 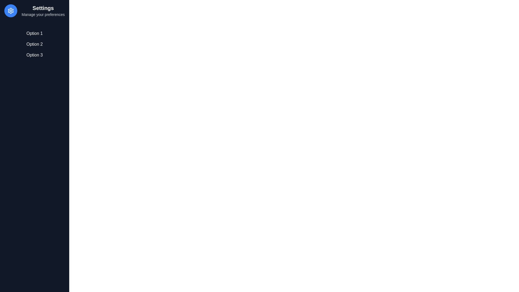 What do you see at coordinates (43, 14) in the screenshot?
I see `the descriptive text label beneath the bold 'Settings' text, which informs users about the functionality associated with 'Settings'` at bounding box center [43, 14].